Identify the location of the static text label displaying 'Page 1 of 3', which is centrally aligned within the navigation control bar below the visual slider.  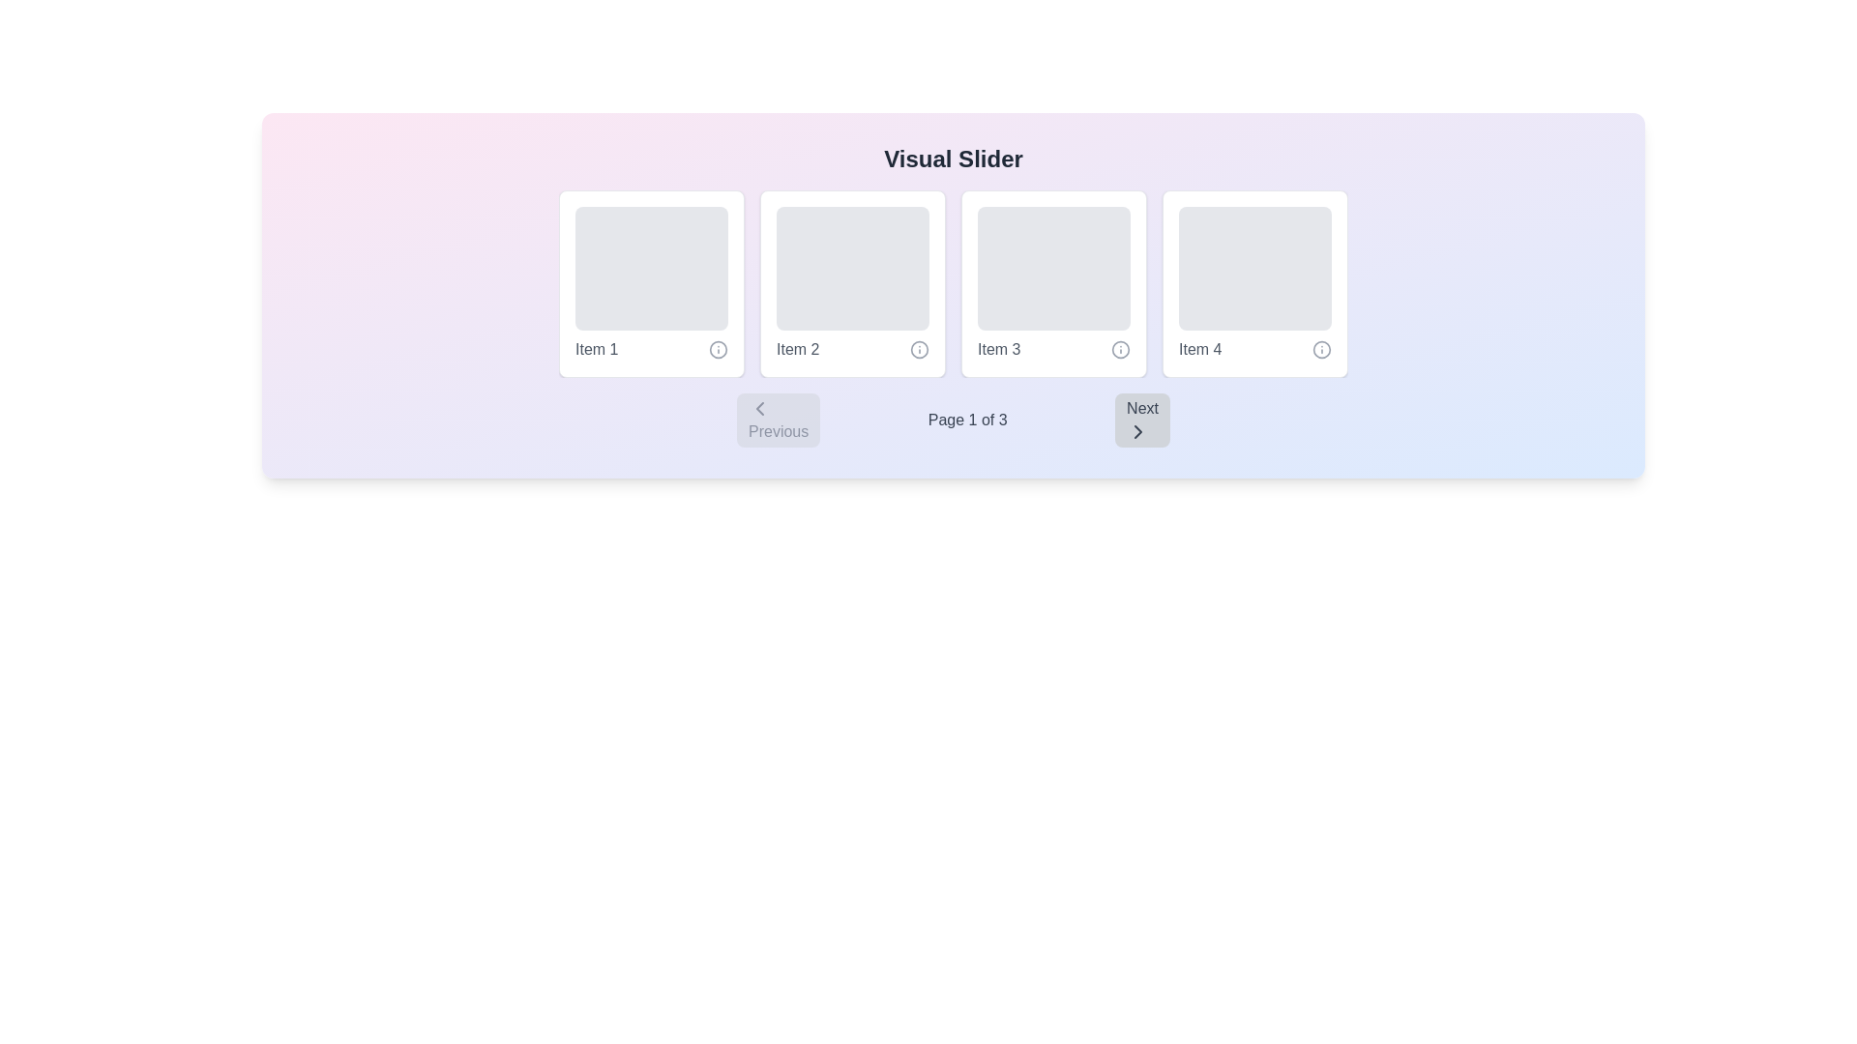
(967, 420).